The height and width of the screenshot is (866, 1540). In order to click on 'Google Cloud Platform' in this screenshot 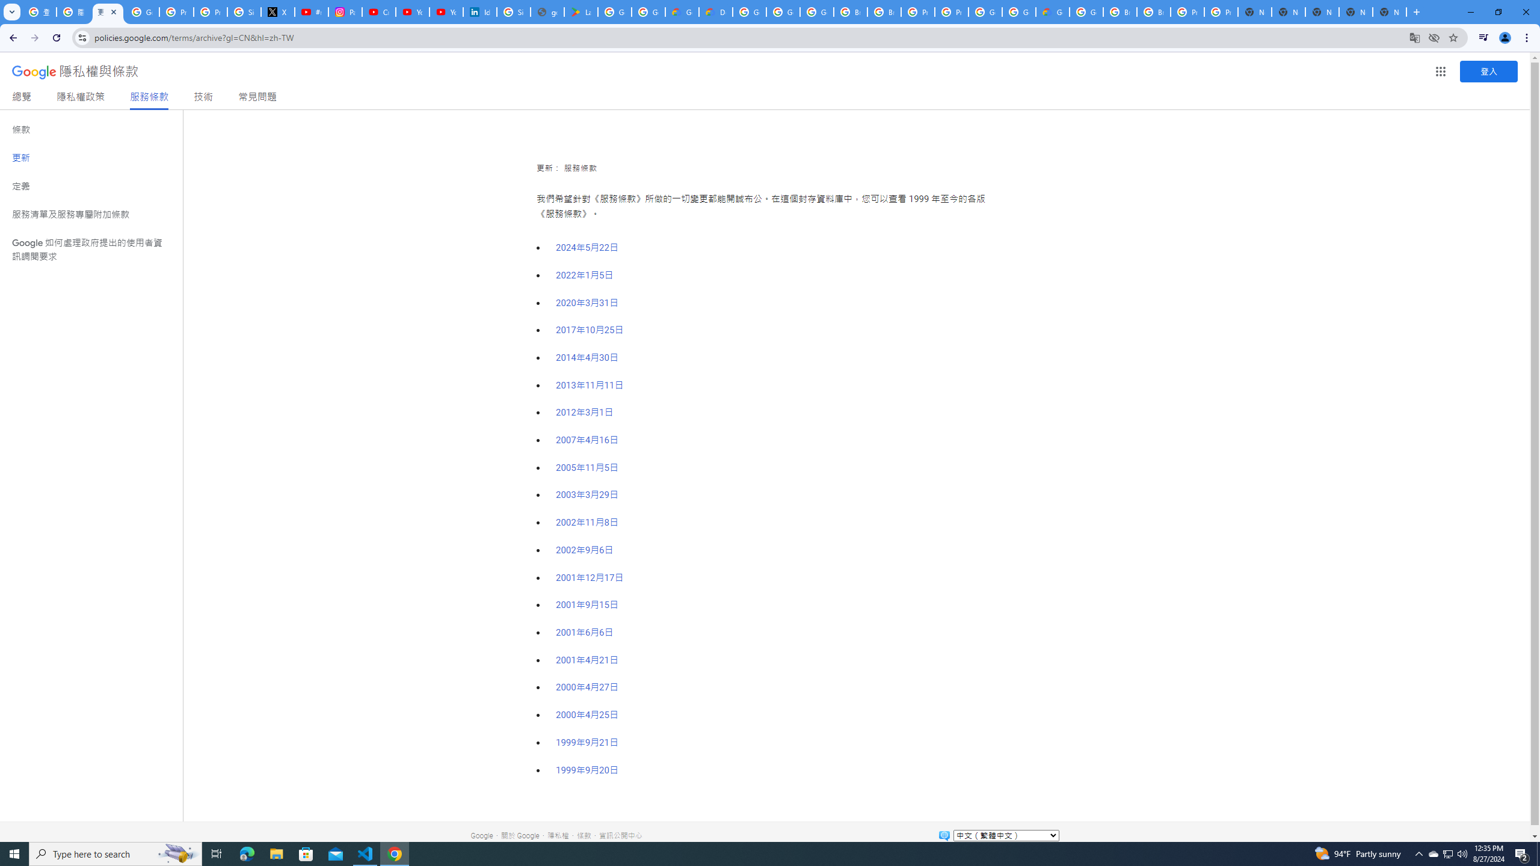, I will do `click(1018, 11)`.